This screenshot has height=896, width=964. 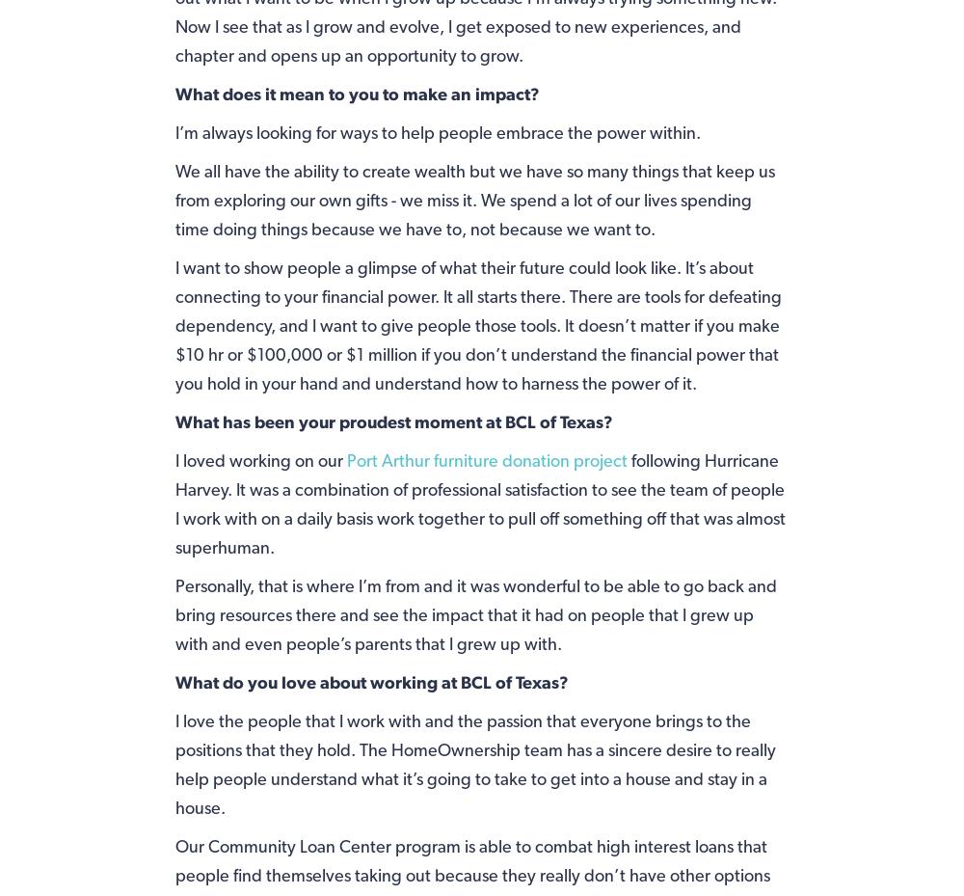 What do you see at coordinates (478, 502) in the screenshot?
I see `'following Hurricane Harvey. It was a combination of professional satisfaction to see the team of people I work with on a daily basis work together to pull off something off that was almost superhuman.'` at bounding box center [478, 502].